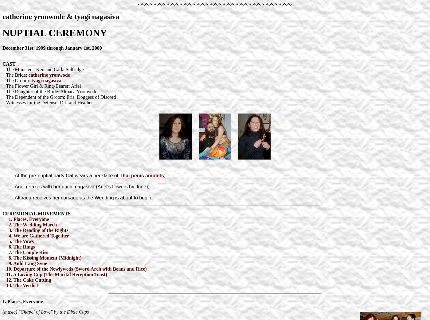 The height and width of the screenshot is (320, 430). I want to click on 'Ariel relaxes with her uncle nagasiva (Ariel's flowers by June);', so click(82, 186).